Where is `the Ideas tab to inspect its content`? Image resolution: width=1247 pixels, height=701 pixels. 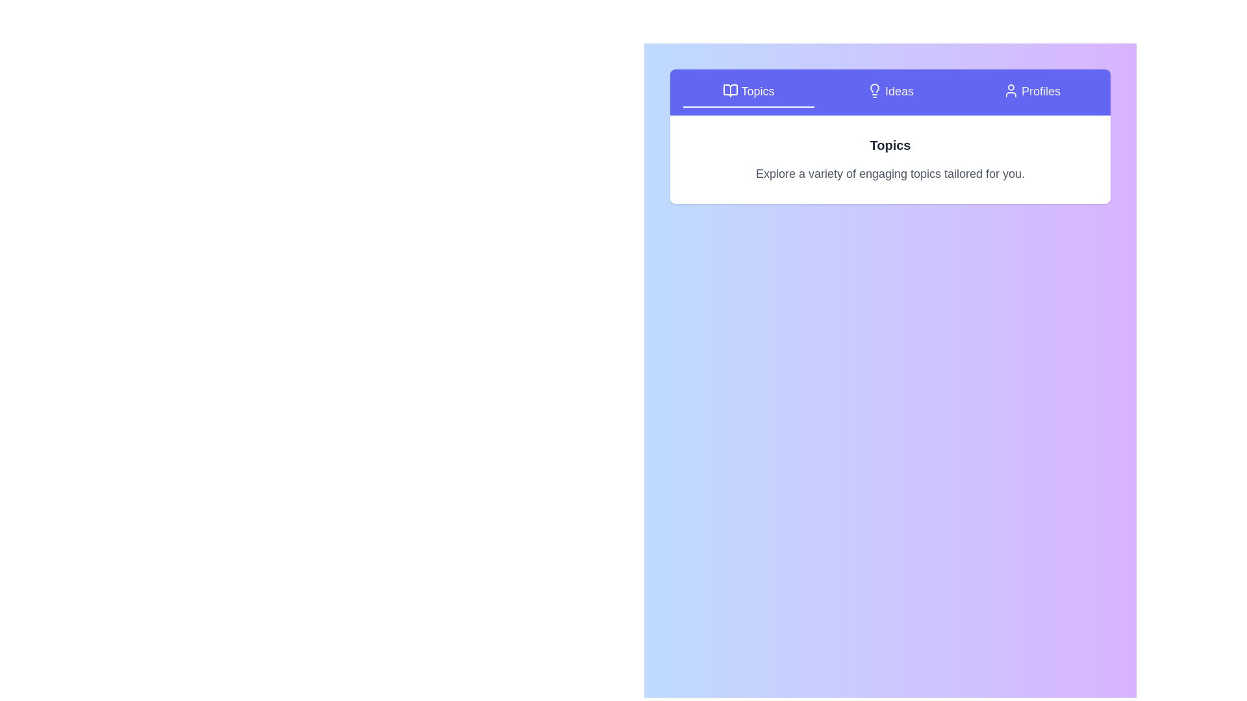
the Ideas tab to inspect its content is located at coordinates (890, 92).